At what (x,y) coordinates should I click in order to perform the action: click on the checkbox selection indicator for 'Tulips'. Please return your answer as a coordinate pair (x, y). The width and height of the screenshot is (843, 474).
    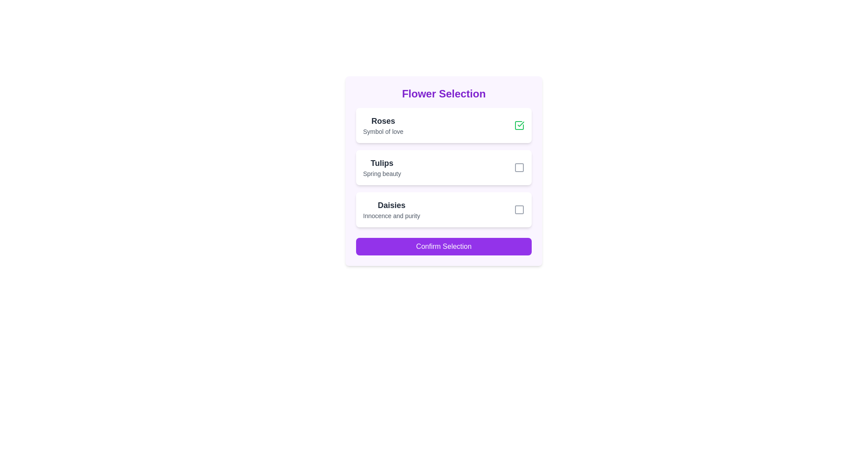
    Looking at the image, I should click on (519, 167).